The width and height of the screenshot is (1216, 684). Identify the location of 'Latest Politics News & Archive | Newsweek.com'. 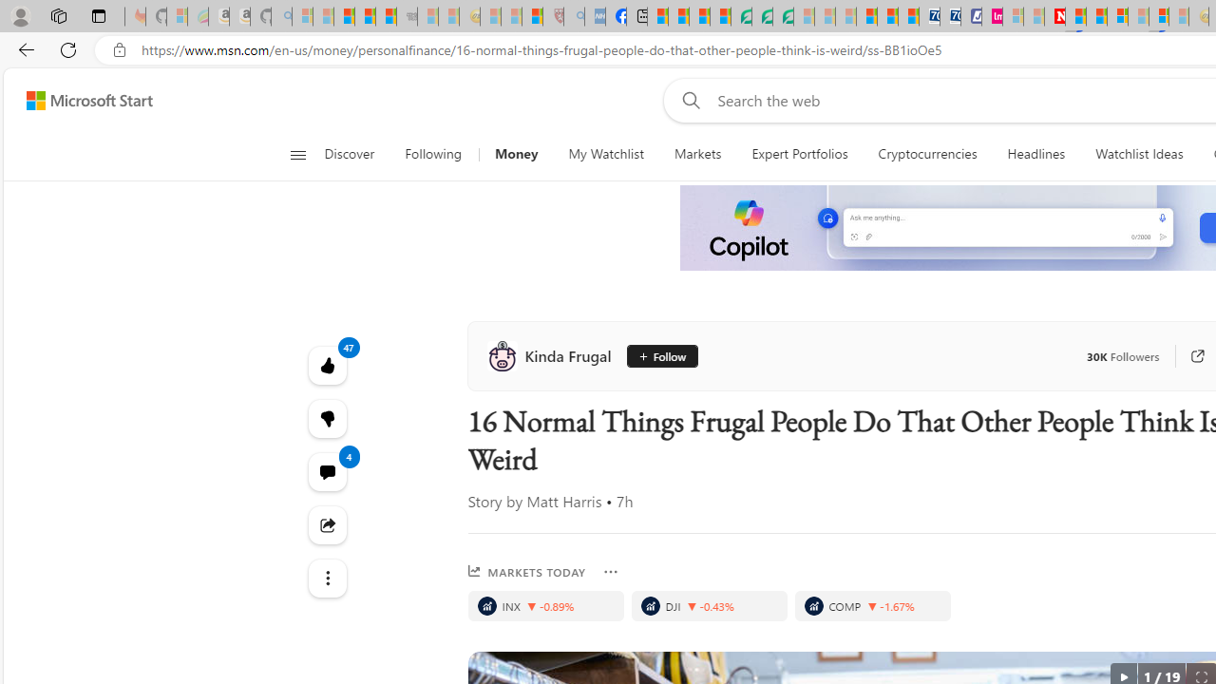
(1054, 16).